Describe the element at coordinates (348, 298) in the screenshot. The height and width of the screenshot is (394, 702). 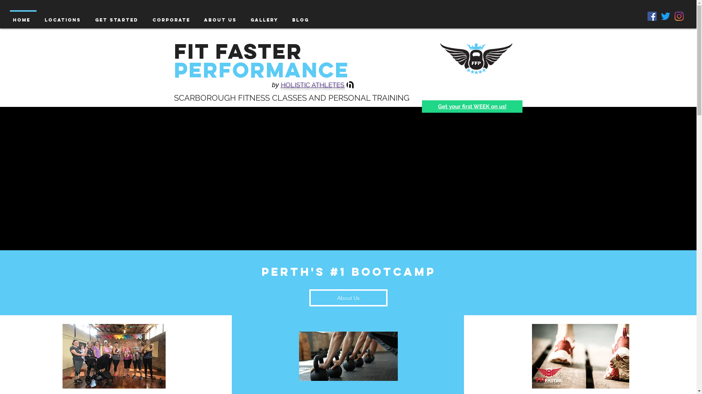
I see `'About Us'` at that location.